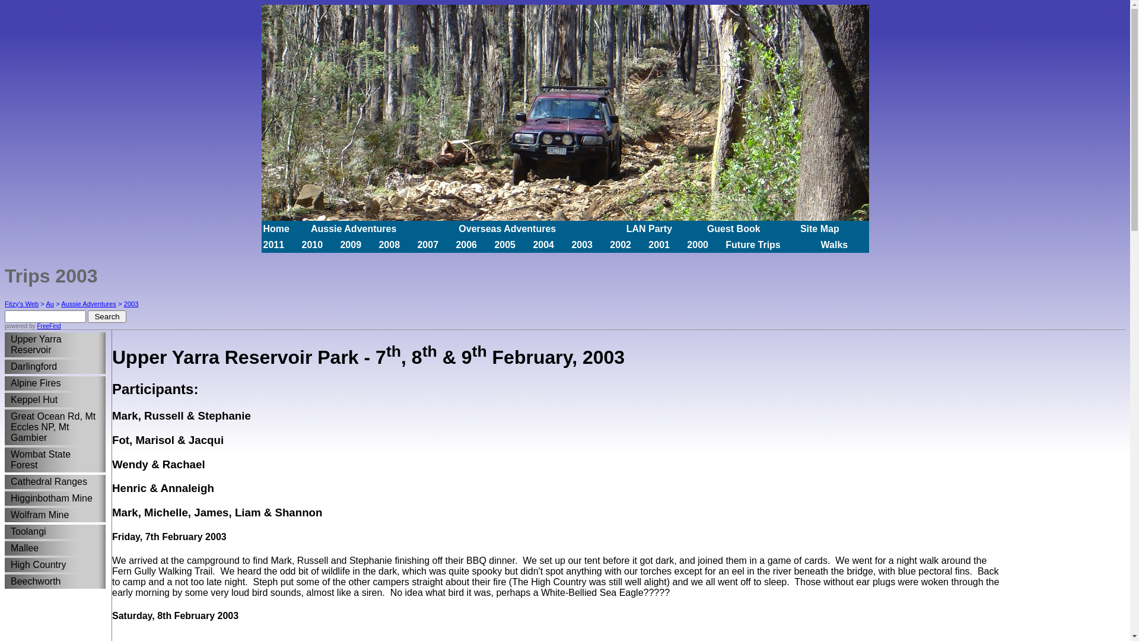  What do you see at coordinates (5, 366) in the screenshot?
I see `'Darlingford'` at bounding box center [5, 366].